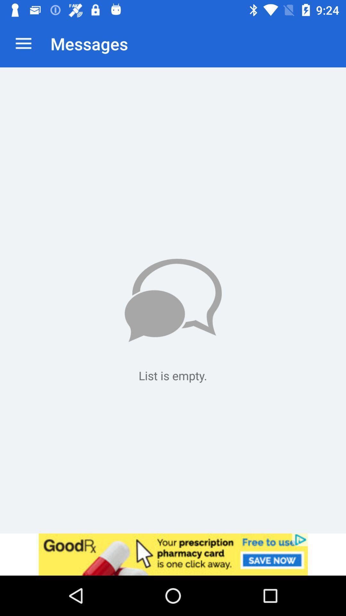 This screenshot has width=346, height=616. What do you see at coordinates (173, 554) in the screenshot?
I see `advertisement` at bounding box center [173, 554].